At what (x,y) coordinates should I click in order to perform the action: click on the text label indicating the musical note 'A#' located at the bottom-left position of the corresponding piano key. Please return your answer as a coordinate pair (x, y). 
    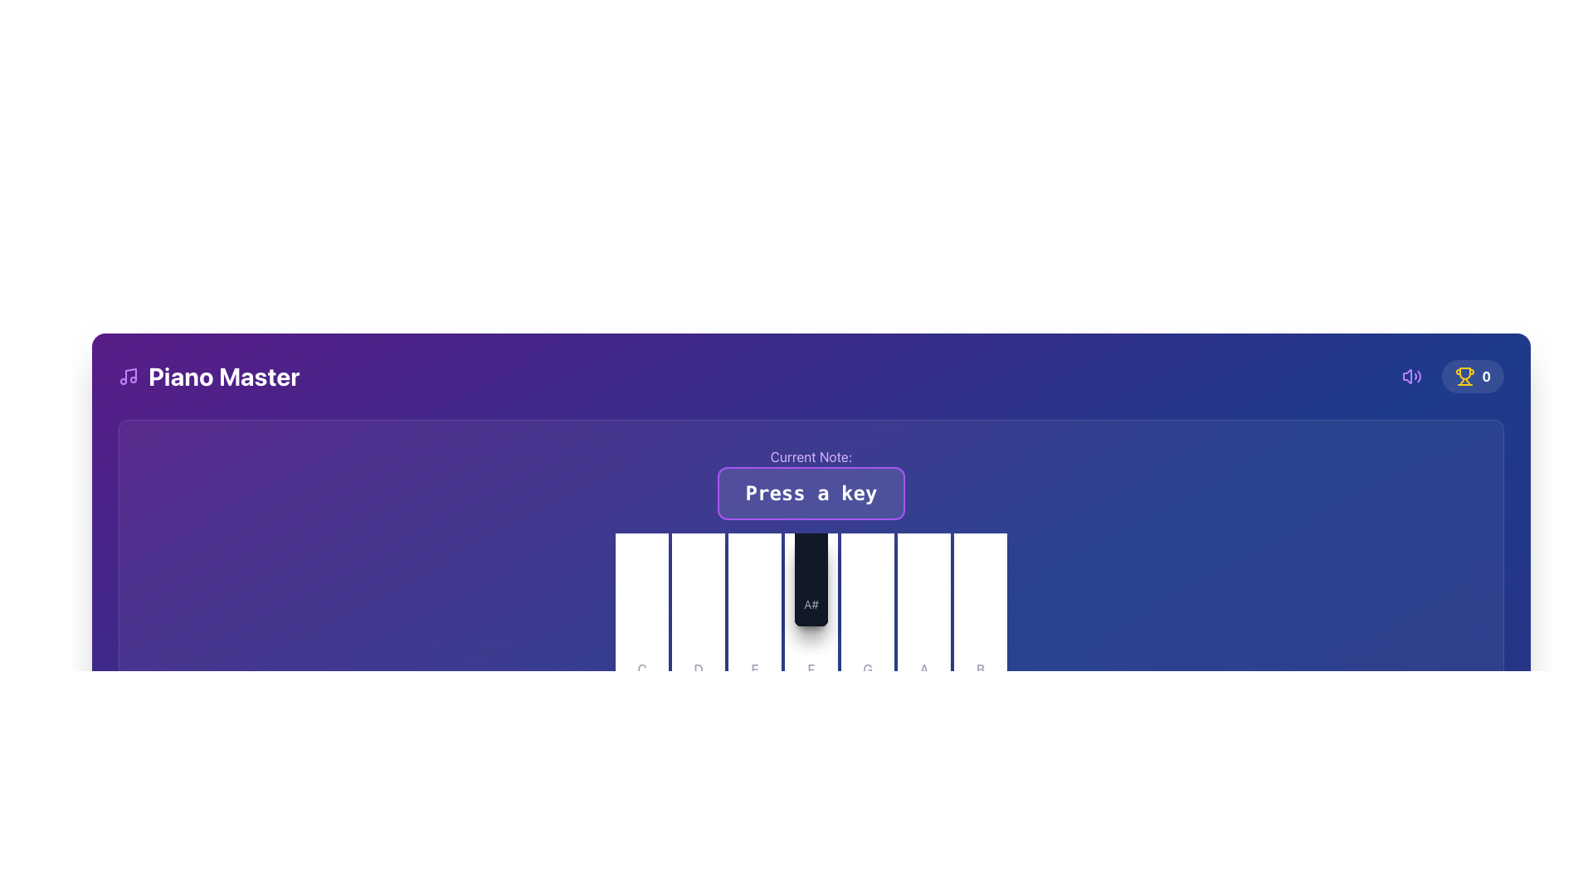
    Looking at the image, I should click on (811, 605).